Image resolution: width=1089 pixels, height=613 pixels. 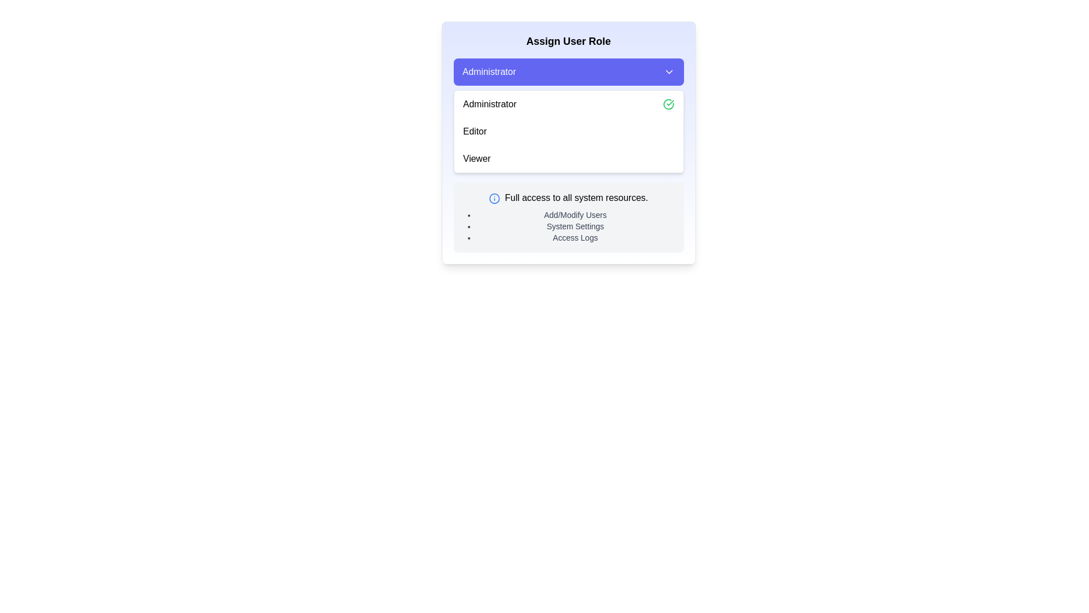 What do you see at coordinates (475, 131) in the screenshot?
I see `the 'Editor' role option in the dropdown menu, which is the second item below 'Administrator'` at bounding box center [475, 131].